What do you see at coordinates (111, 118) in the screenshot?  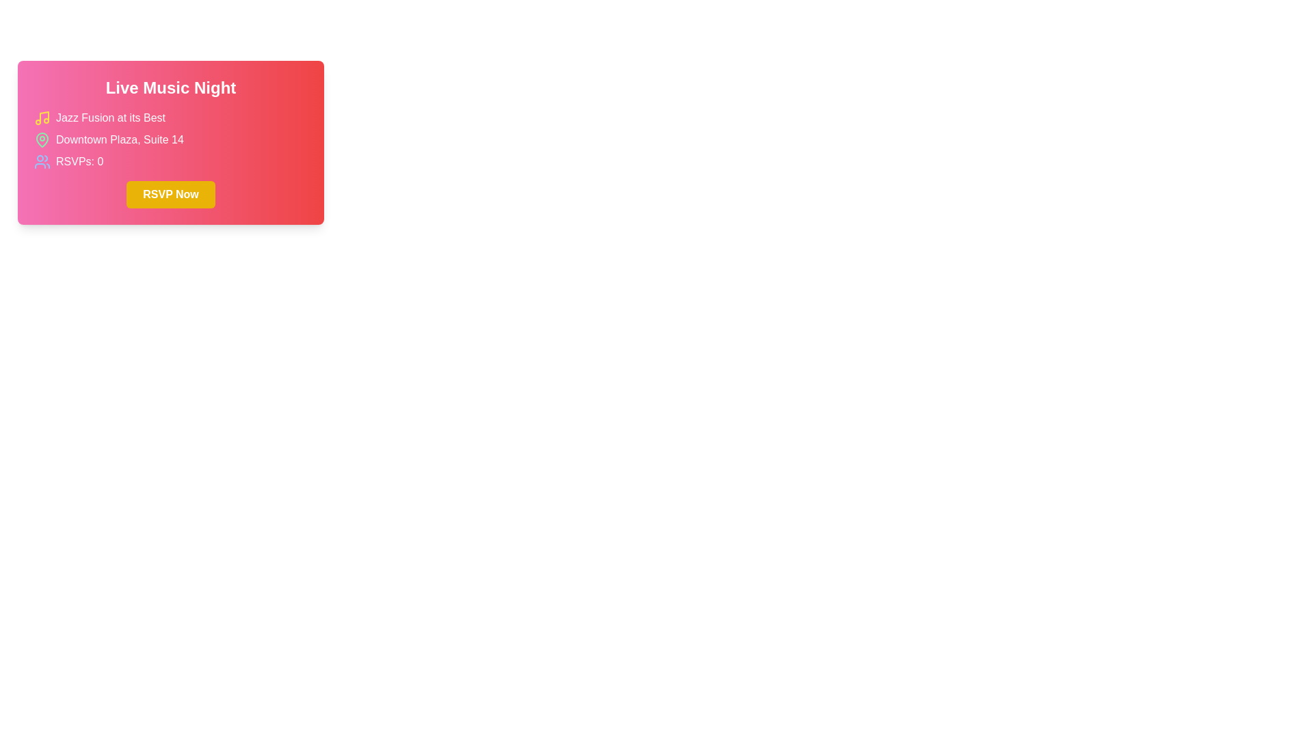 I see `text from the label that contains 'Jazz Fusion at its Best', which is styled with white text on a gradient pink background and located in the middle-left section of a card component` at bounding box center [111, 118].